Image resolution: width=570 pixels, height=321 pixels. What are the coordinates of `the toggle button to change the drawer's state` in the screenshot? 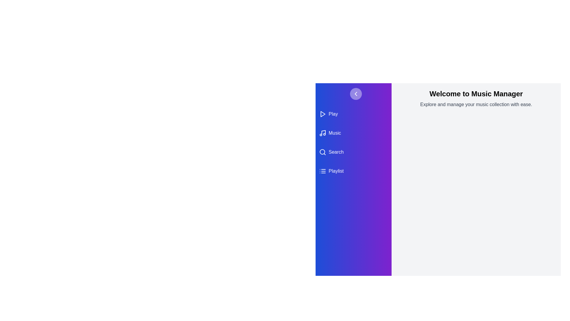 It's located at (356, 94).